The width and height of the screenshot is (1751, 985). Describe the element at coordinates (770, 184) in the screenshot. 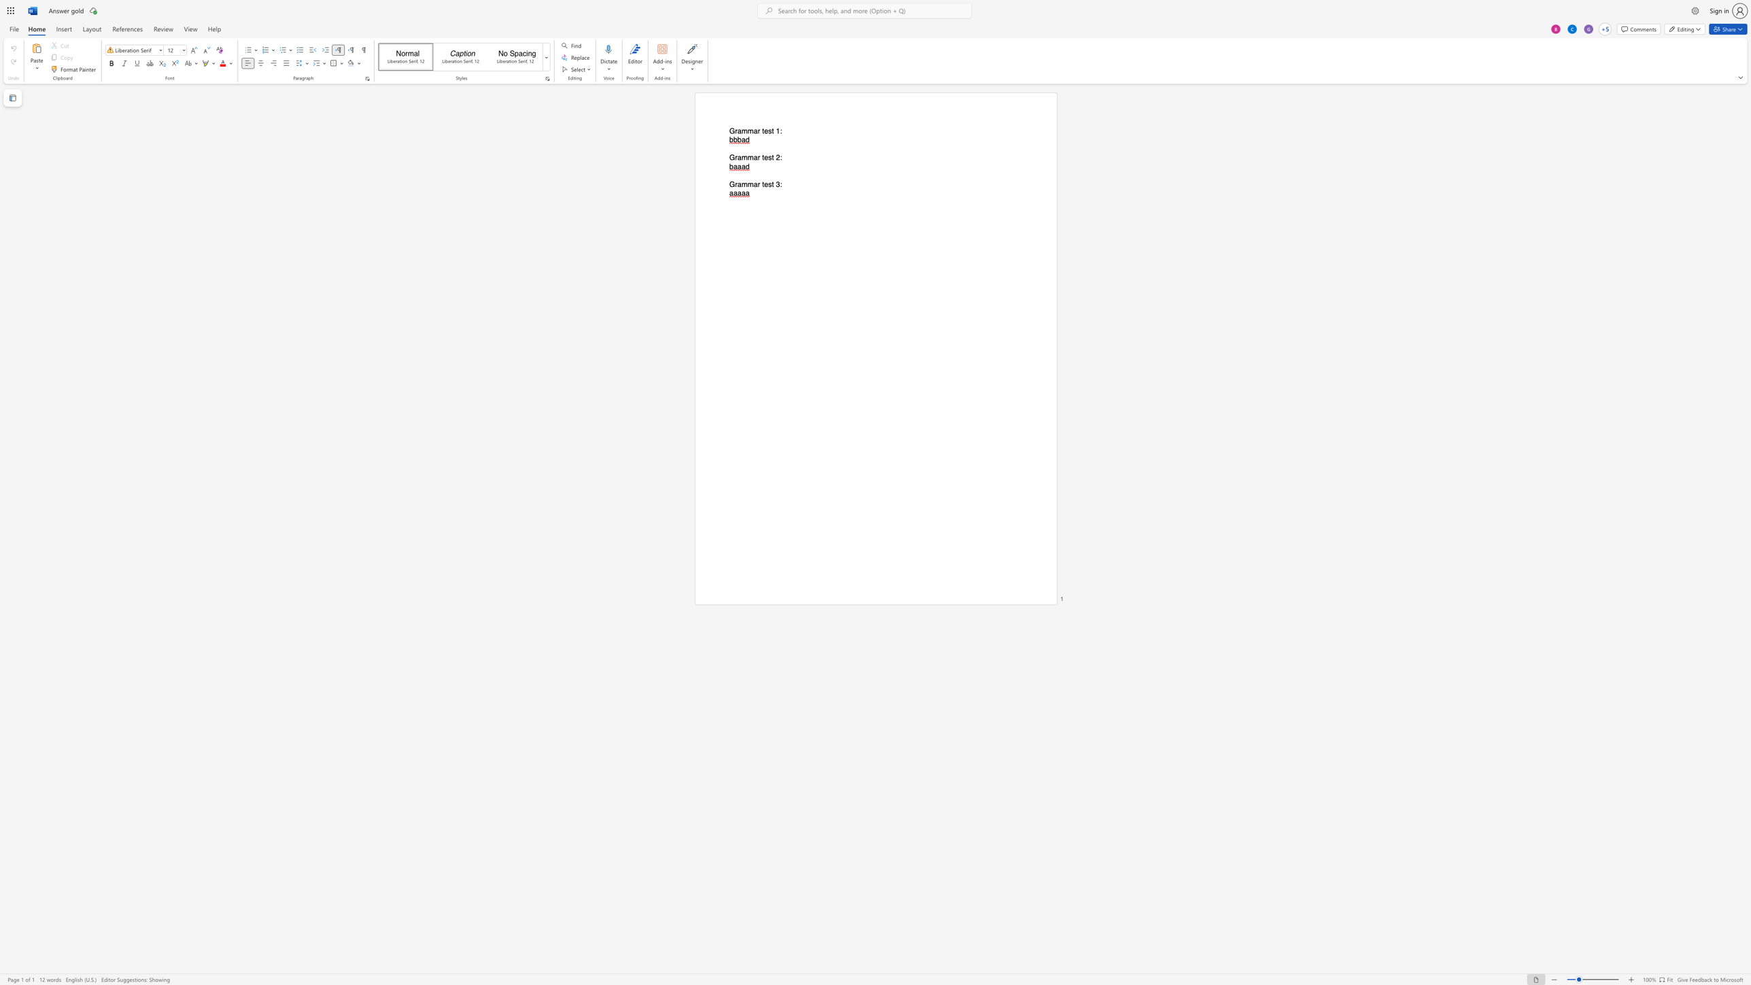

I see `the space between the continuous character "s" and "t" in the text` at that location.